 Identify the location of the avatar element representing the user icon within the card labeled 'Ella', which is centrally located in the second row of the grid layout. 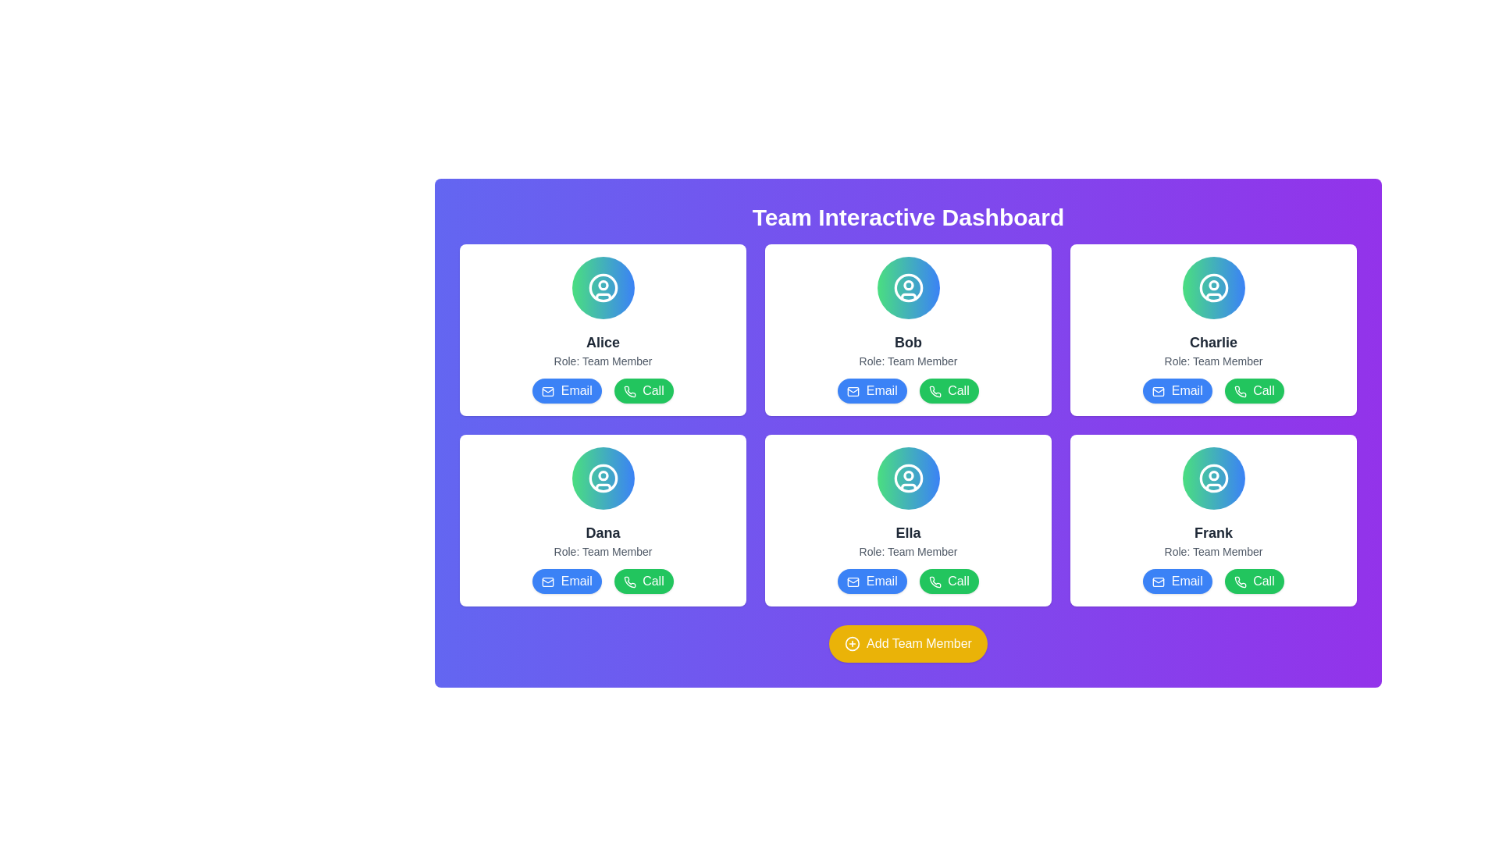
(908, 478).